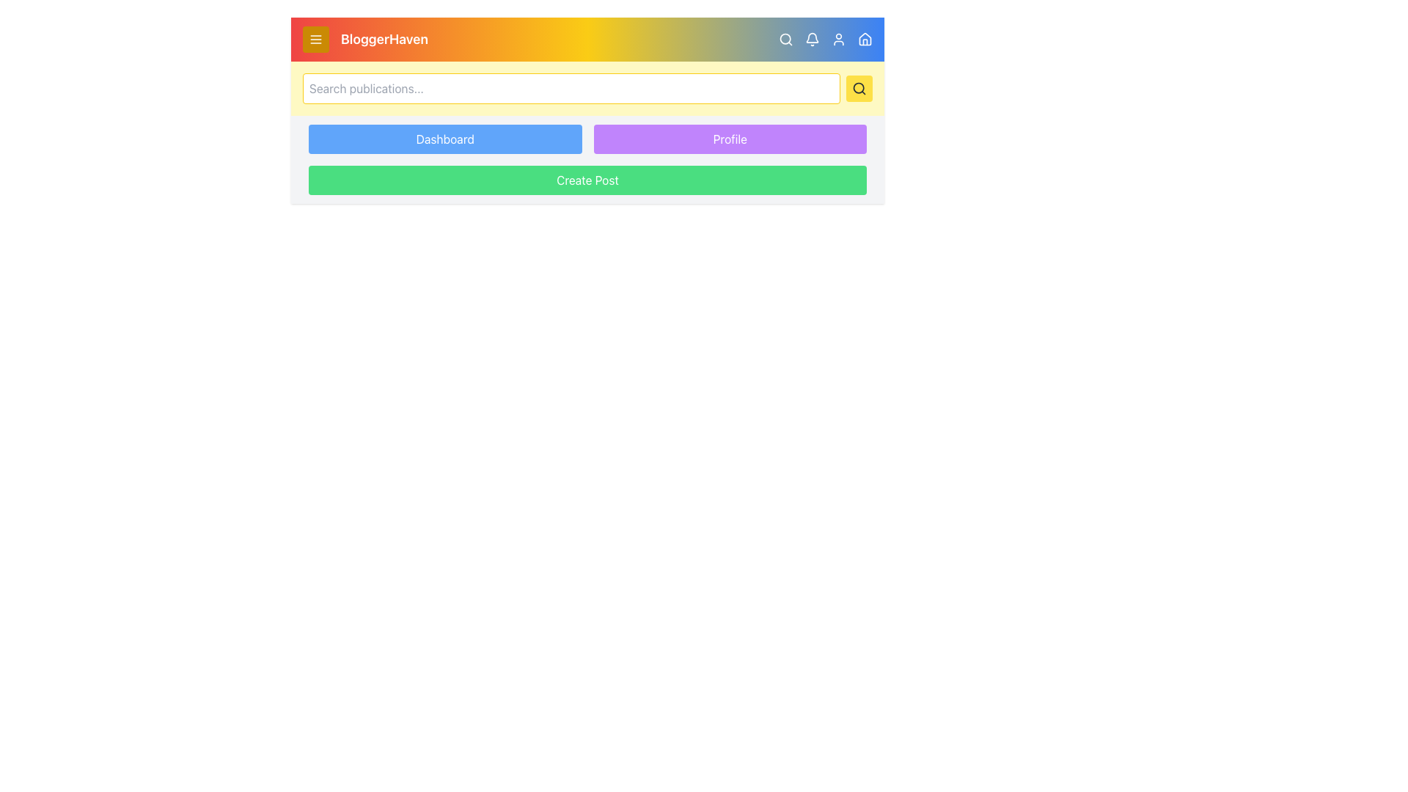 This screenshot has width=1408, height=792. Describe the element at coordinates (444, 139) in the screenshot. I see `the 'Dashboard' button with a blue background and rounded corners` at that location.